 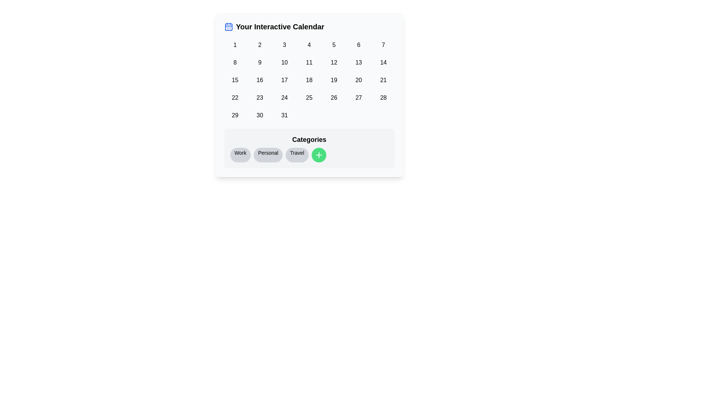 I want to click on the sixth button in the interactive calendar grid, so click(x=359, y=45).